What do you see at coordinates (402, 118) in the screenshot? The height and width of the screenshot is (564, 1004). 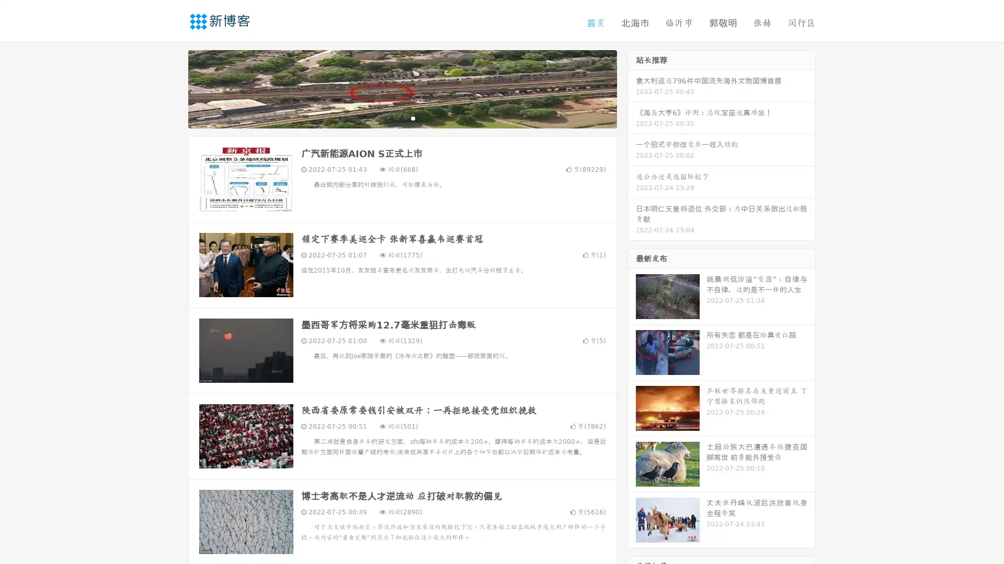 I see `Go to slide 2` at bounding box center [402, 118].